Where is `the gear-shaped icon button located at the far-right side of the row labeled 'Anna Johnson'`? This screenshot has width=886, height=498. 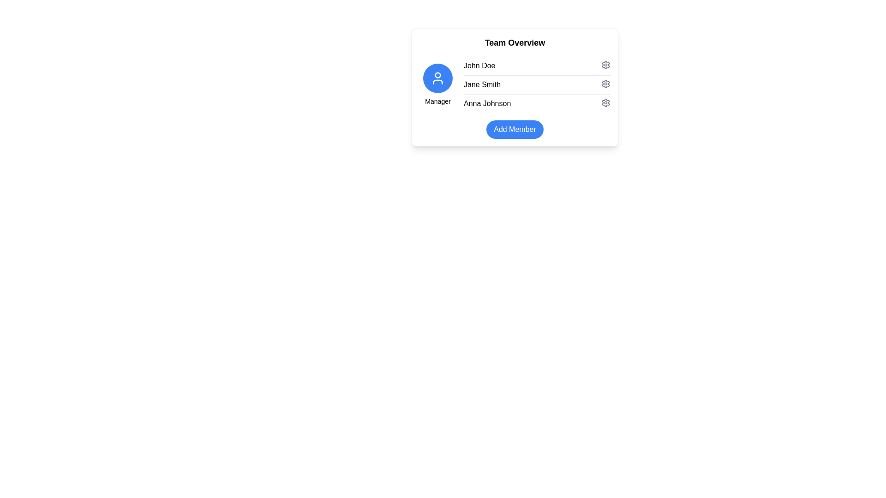 the gear-shaped icon button located at the far-right side of the row labeled 'Anna Johnson' is located at coordinates (606, 103).